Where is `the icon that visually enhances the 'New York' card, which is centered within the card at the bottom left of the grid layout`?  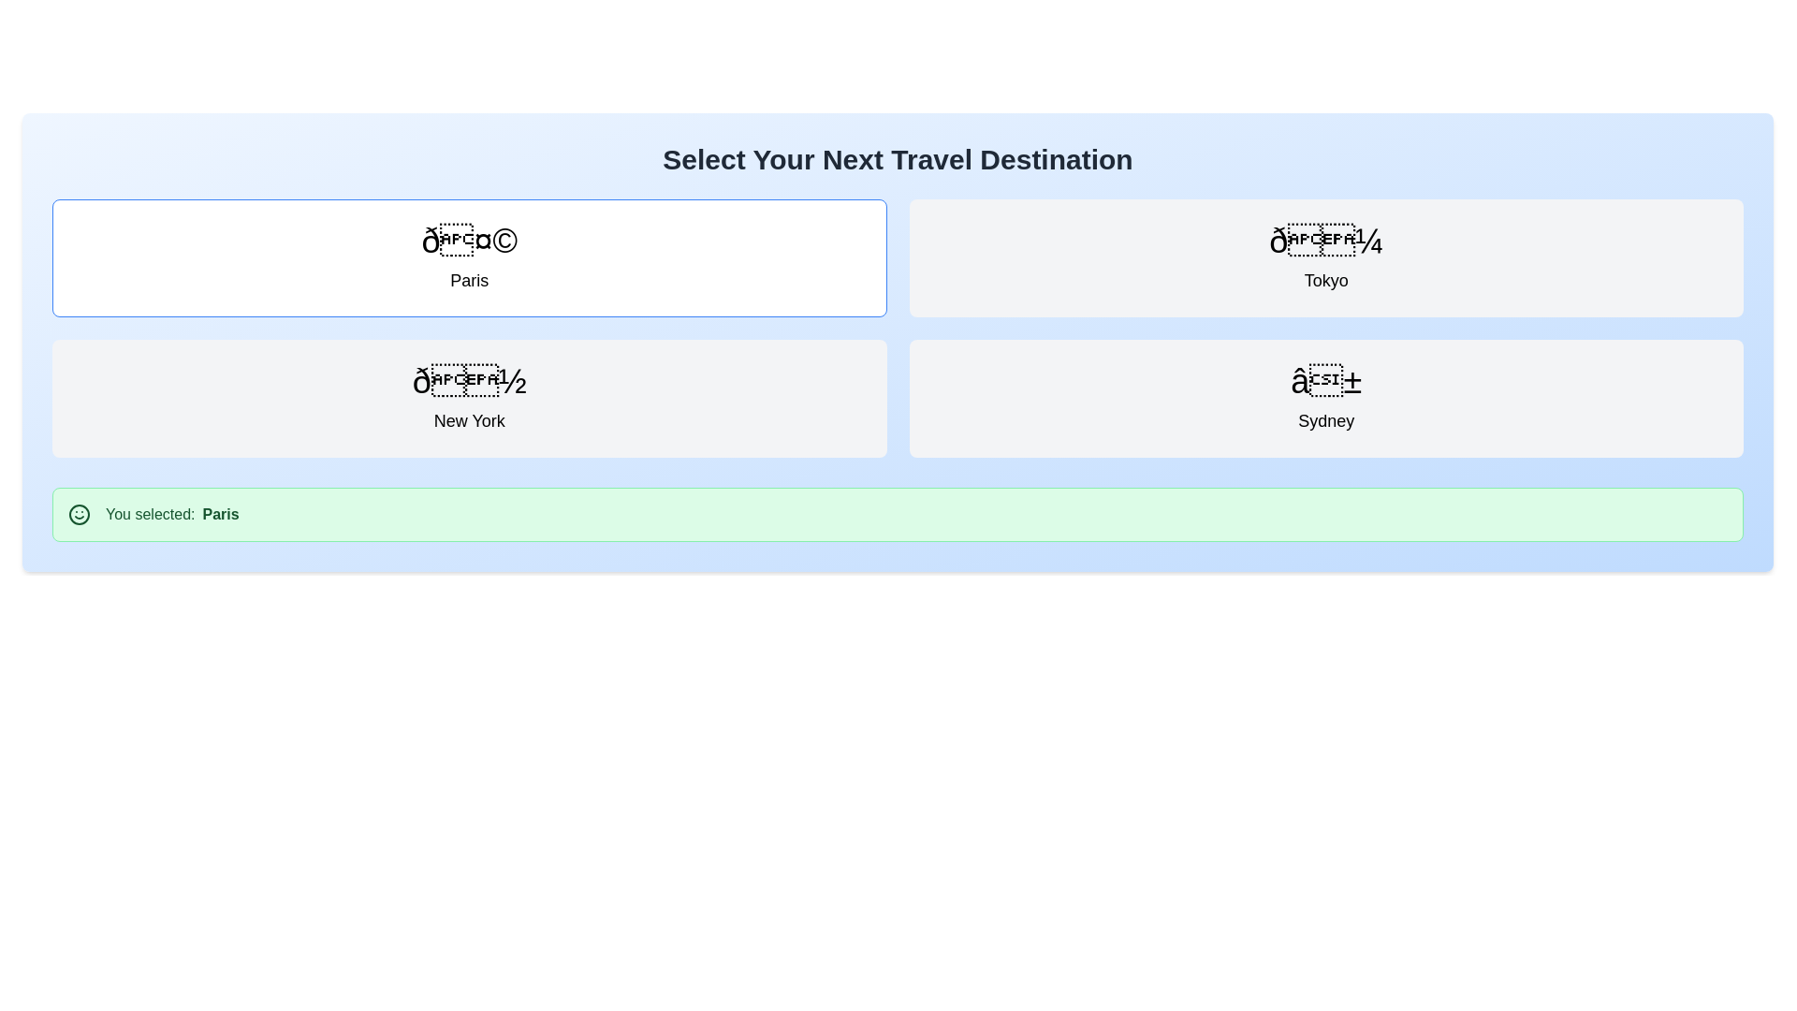
the icon that visually enhances the 'New York' card, which is centered within the card at the bottom left of the grid layout is located at coordinates (469, 381).